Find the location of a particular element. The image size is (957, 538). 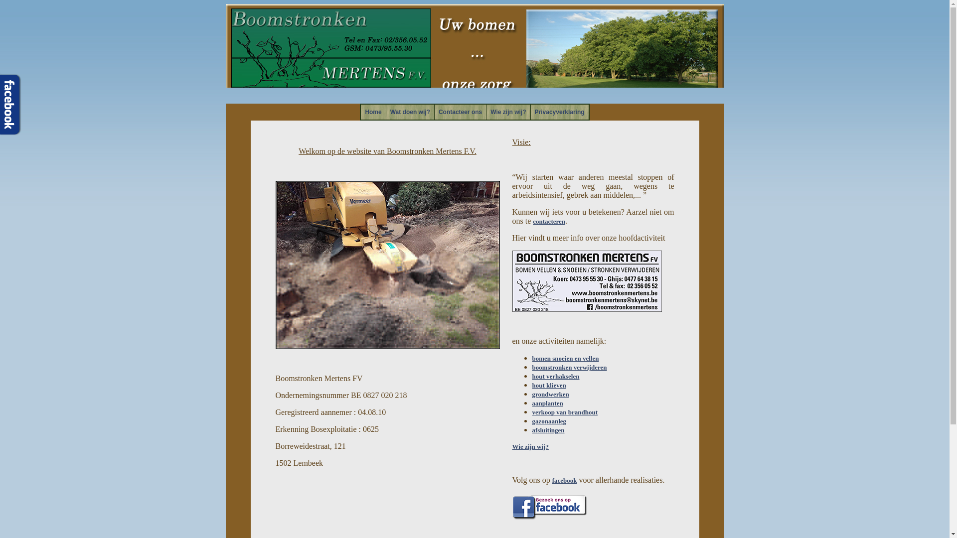

'bomen snoeien en vellen' is located at coordinates (565, 358).